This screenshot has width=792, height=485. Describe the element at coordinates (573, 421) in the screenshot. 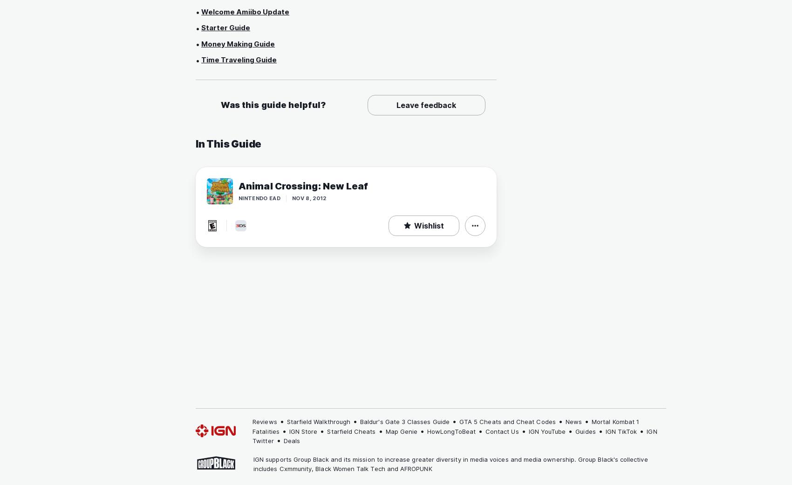

I see `'News'` at that location.